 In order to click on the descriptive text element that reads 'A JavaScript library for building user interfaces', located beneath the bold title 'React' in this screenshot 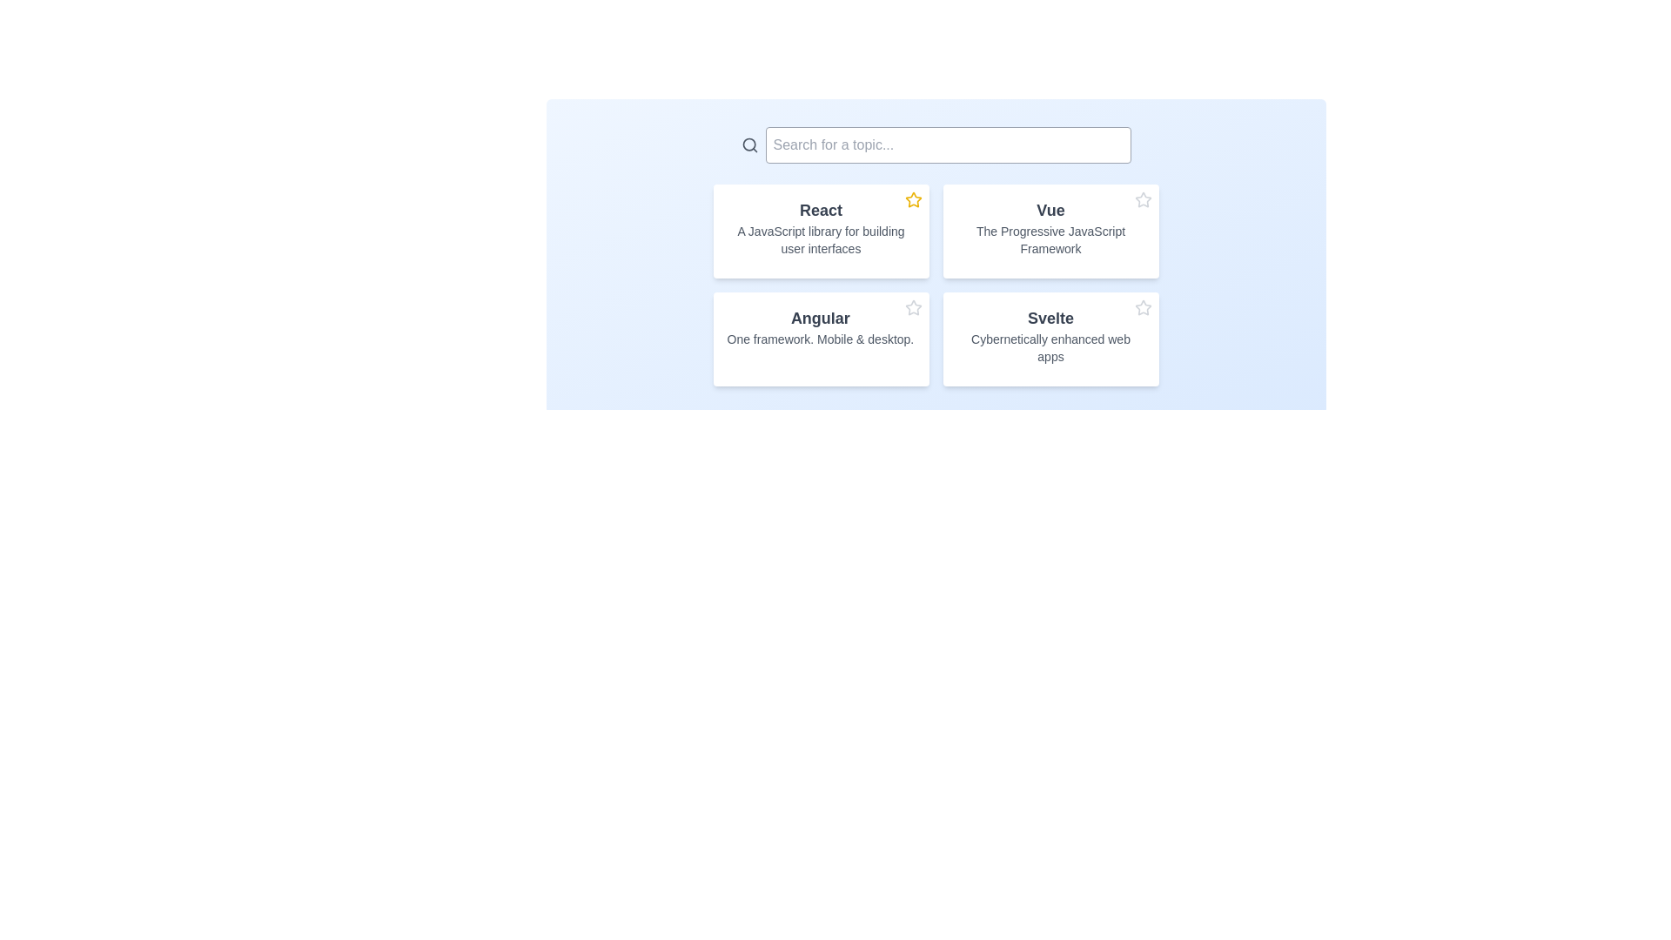, I will do `click(820, 240)`.